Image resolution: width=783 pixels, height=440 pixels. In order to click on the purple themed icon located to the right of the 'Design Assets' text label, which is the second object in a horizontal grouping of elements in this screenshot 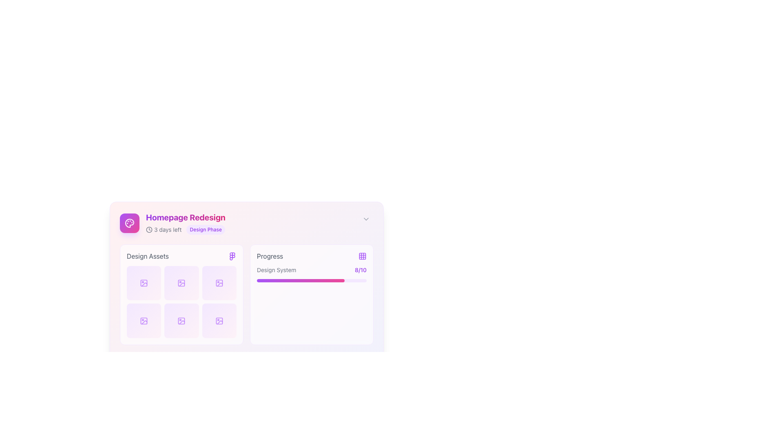, I will do `click(232, 255)`.